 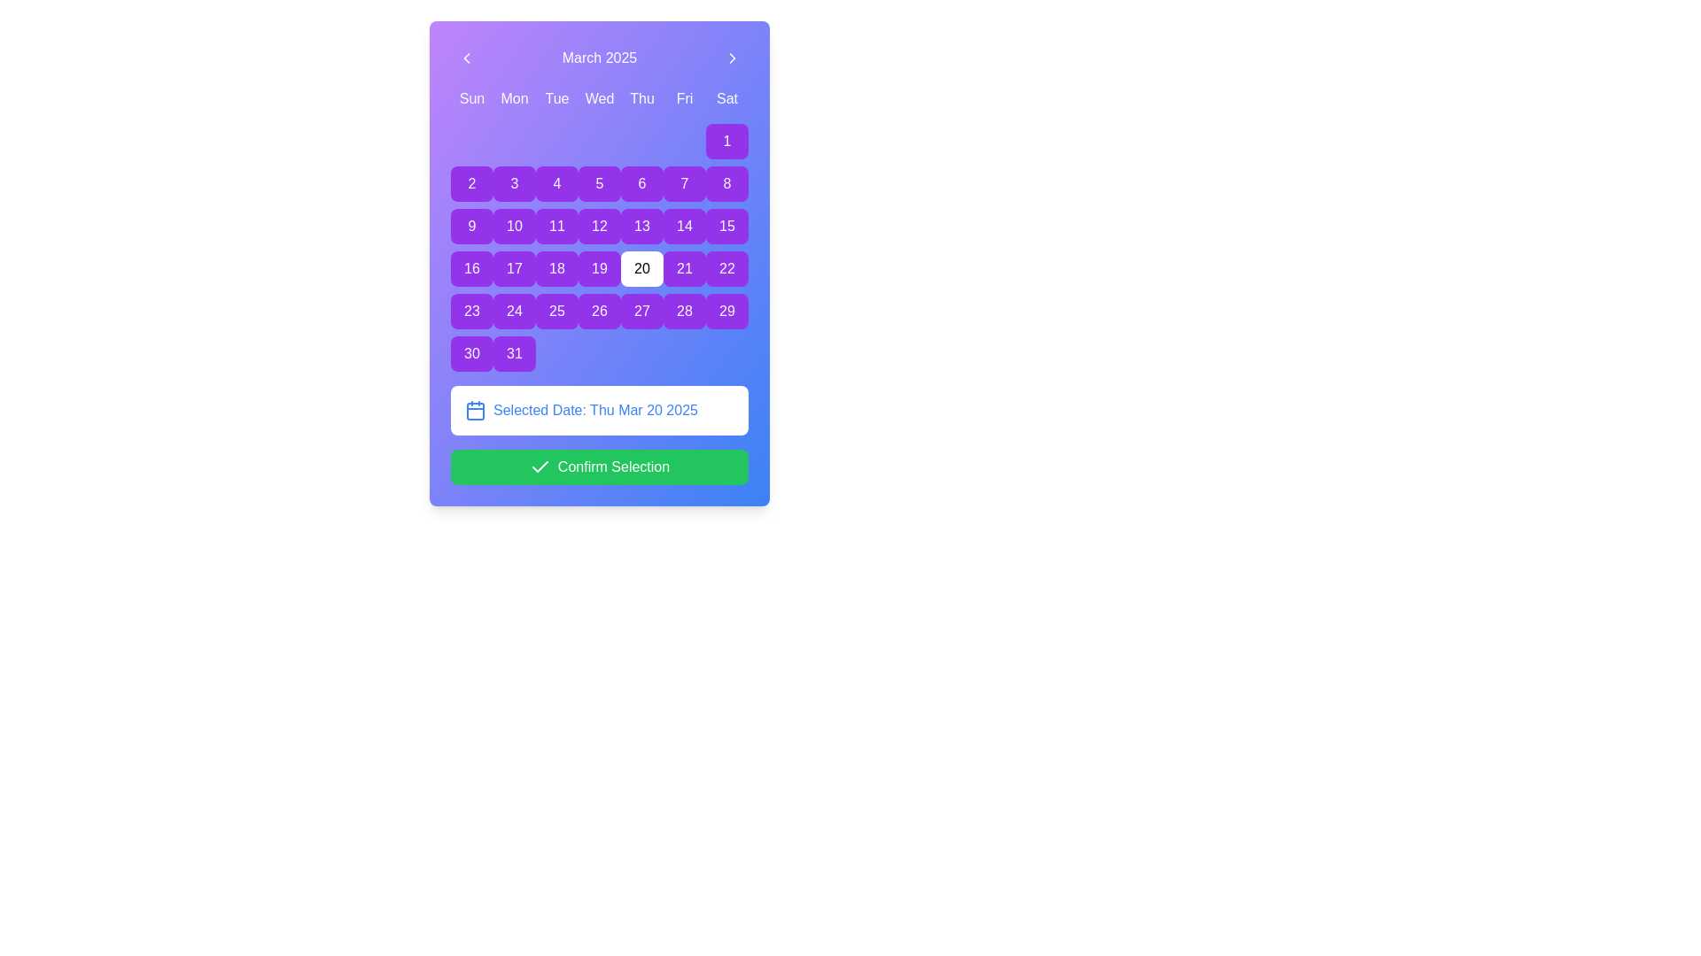 I want to click on the rounded rectangular button with a purple background displaying the number '14', so click(x=683, y=225).